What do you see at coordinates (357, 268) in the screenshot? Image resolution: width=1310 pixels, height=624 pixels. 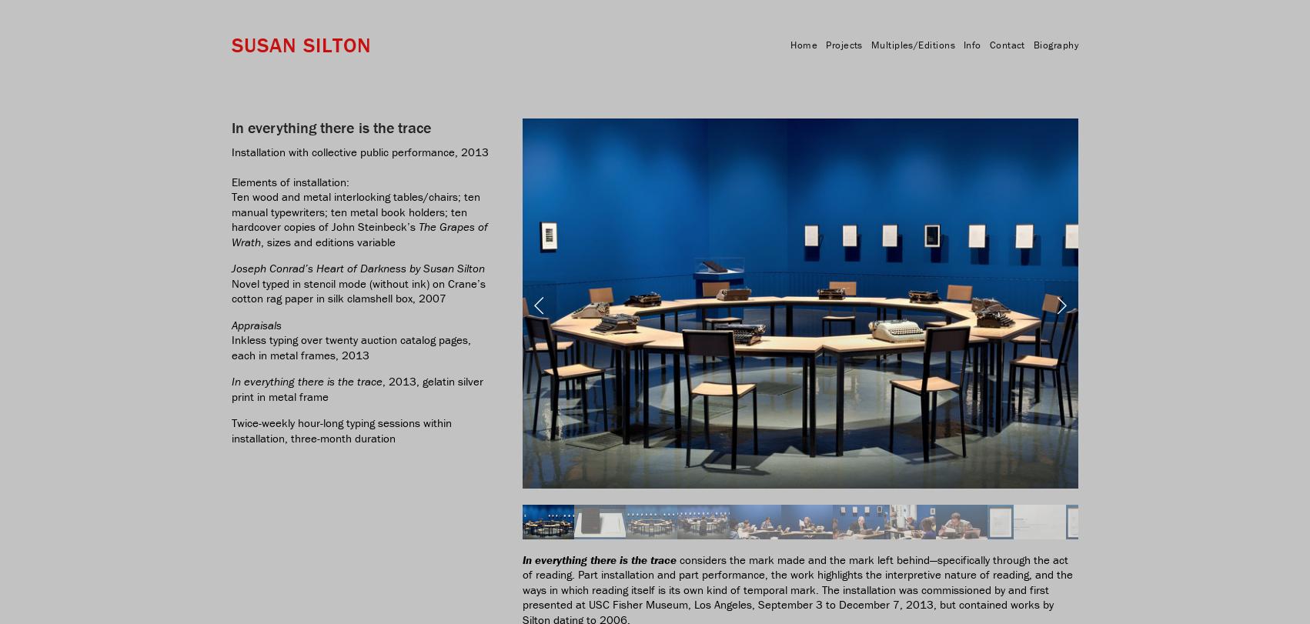 I see `'Joseph Conrad’s Heart of Darkness by Susan Silton'` at bounding box center [357, 268].